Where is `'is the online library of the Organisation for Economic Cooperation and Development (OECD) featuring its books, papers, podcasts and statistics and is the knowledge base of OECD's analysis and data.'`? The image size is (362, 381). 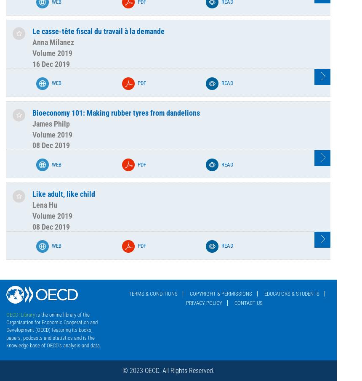 'is the online library of the Organisation for Economic Cooperation and Development (OECD) featuring its books, papers, podcasts and statistics and is the knowledge base of OECD's analysis and data.' is located at coordinates (53, 329).